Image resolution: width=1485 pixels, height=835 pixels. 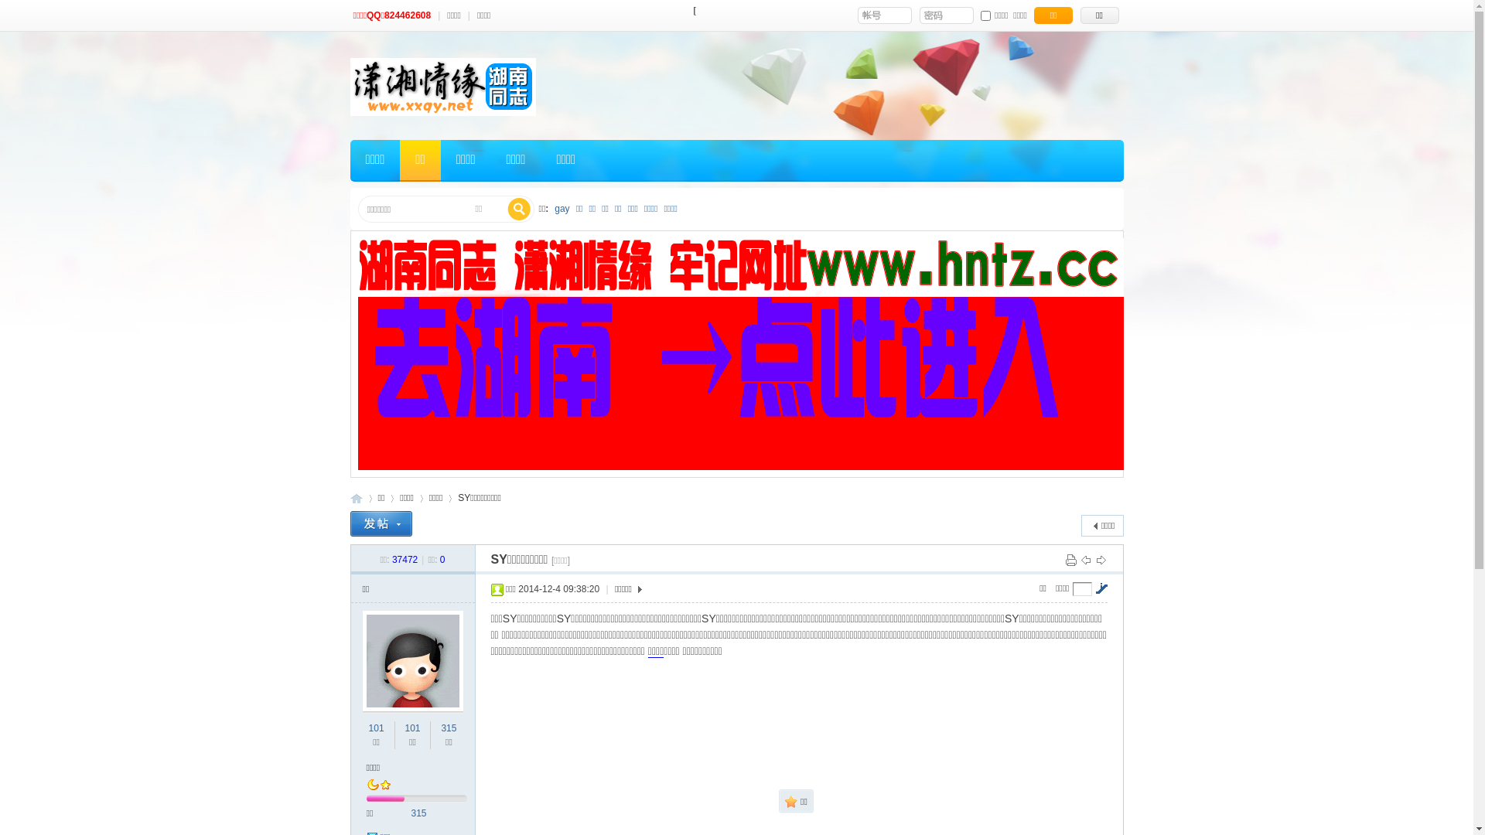 What do you see at coordinates (411, 728) in the screenshot?
I see `'101'` at bounding box center [411, 728].